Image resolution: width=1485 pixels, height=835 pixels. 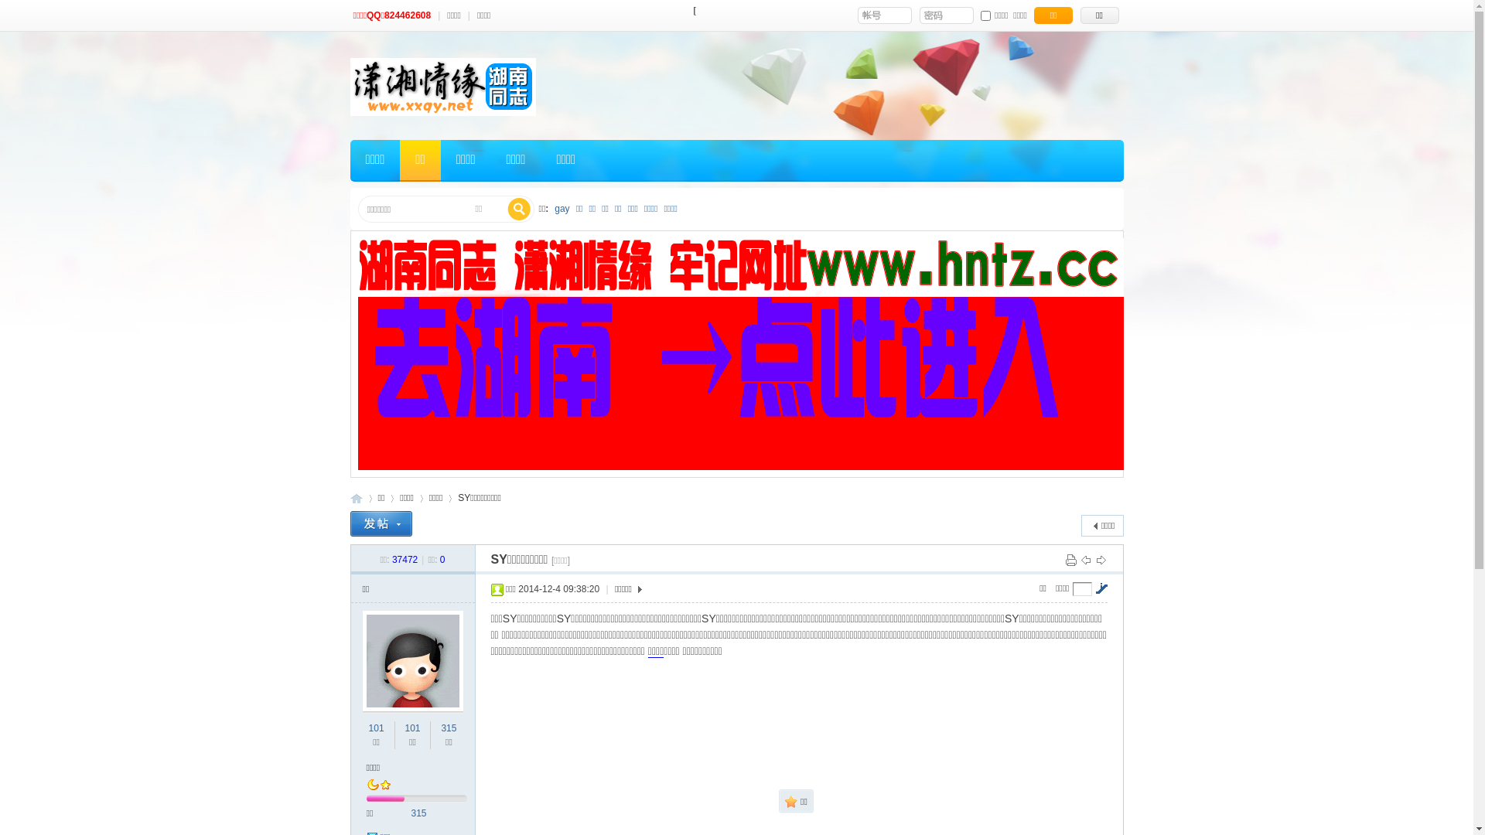 What do you see at coordinates (411, 728) in the screenshot?
I see `'101'` at bounding box center [411, 728].